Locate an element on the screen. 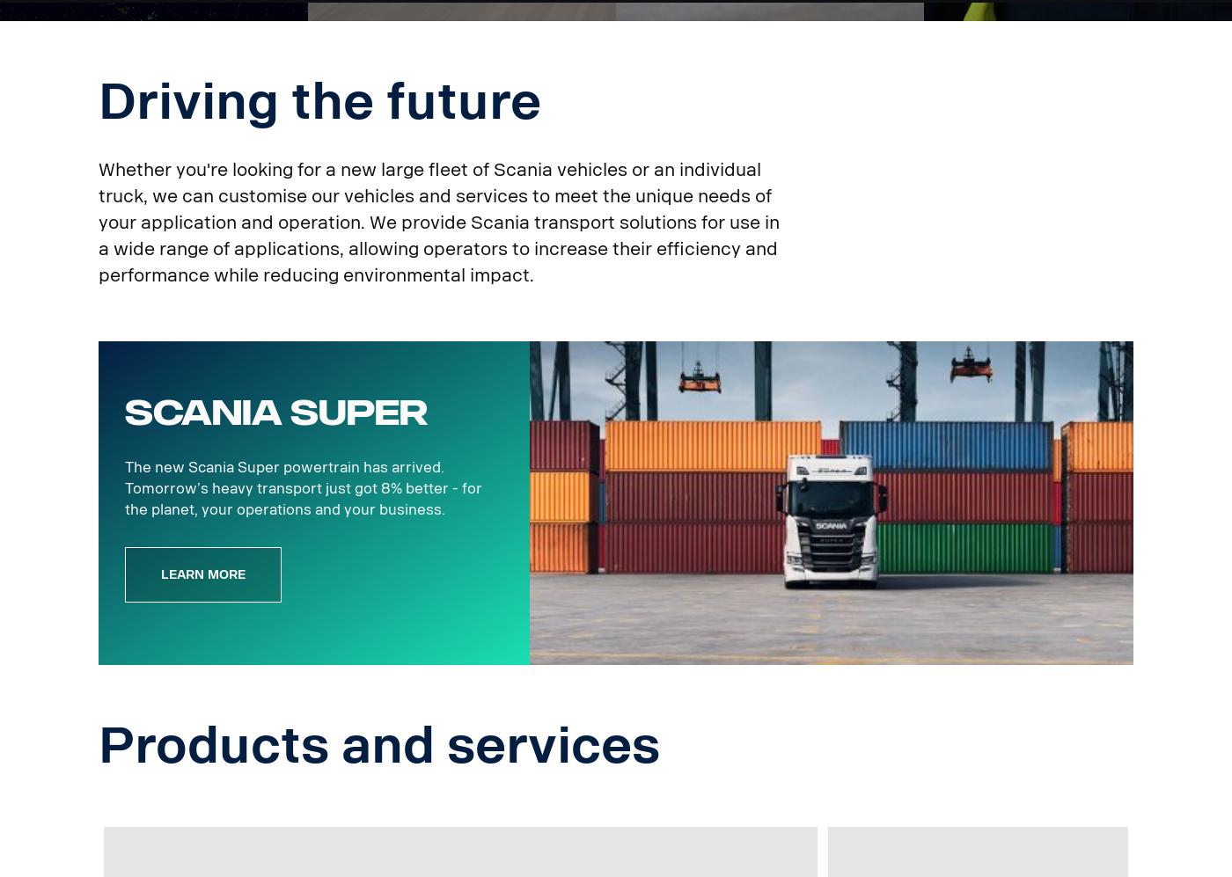 This screenshot has width=1232, height=877. 'The new Scania Super powertrain has arrived. Tomorrow’s heavy transport just got 8% better - for the planet, your operations and your business.' is located at coordinates (124, 488).